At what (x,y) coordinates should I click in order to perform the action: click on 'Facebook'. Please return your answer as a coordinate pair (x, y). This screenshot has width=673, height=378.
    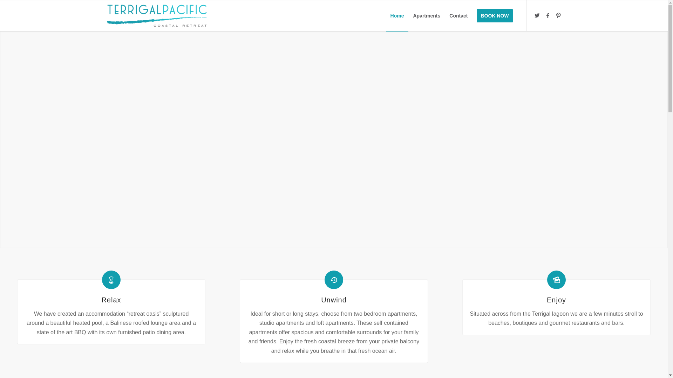
    Looking at the image, I should click on (548, 15).